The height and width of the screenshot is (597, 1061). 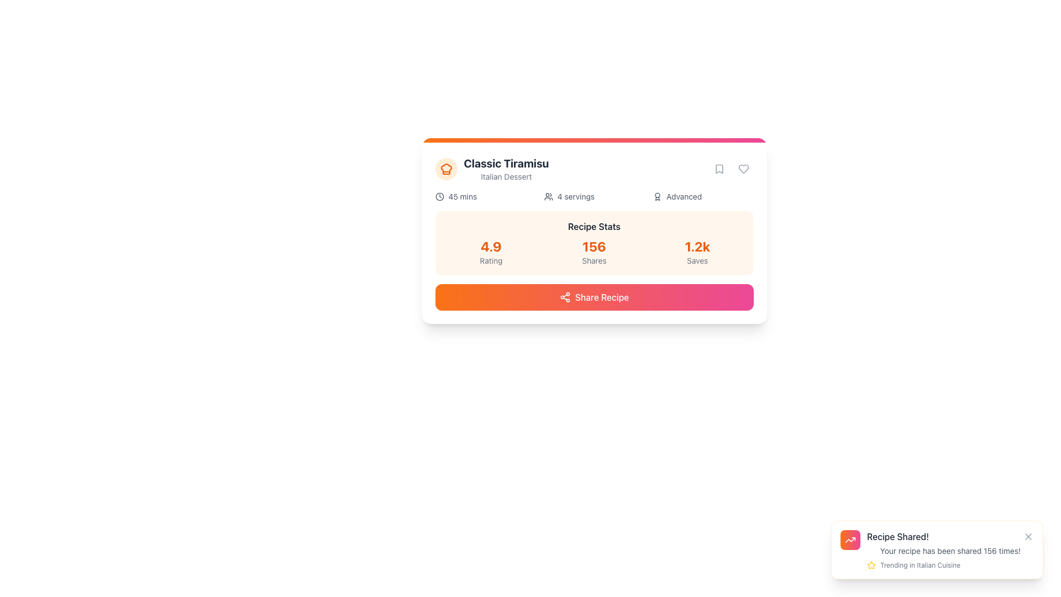 I want to click on the save button located on the top-right corner of the card, which is the first button from the left in a set of two, so click(x=719, y=169).